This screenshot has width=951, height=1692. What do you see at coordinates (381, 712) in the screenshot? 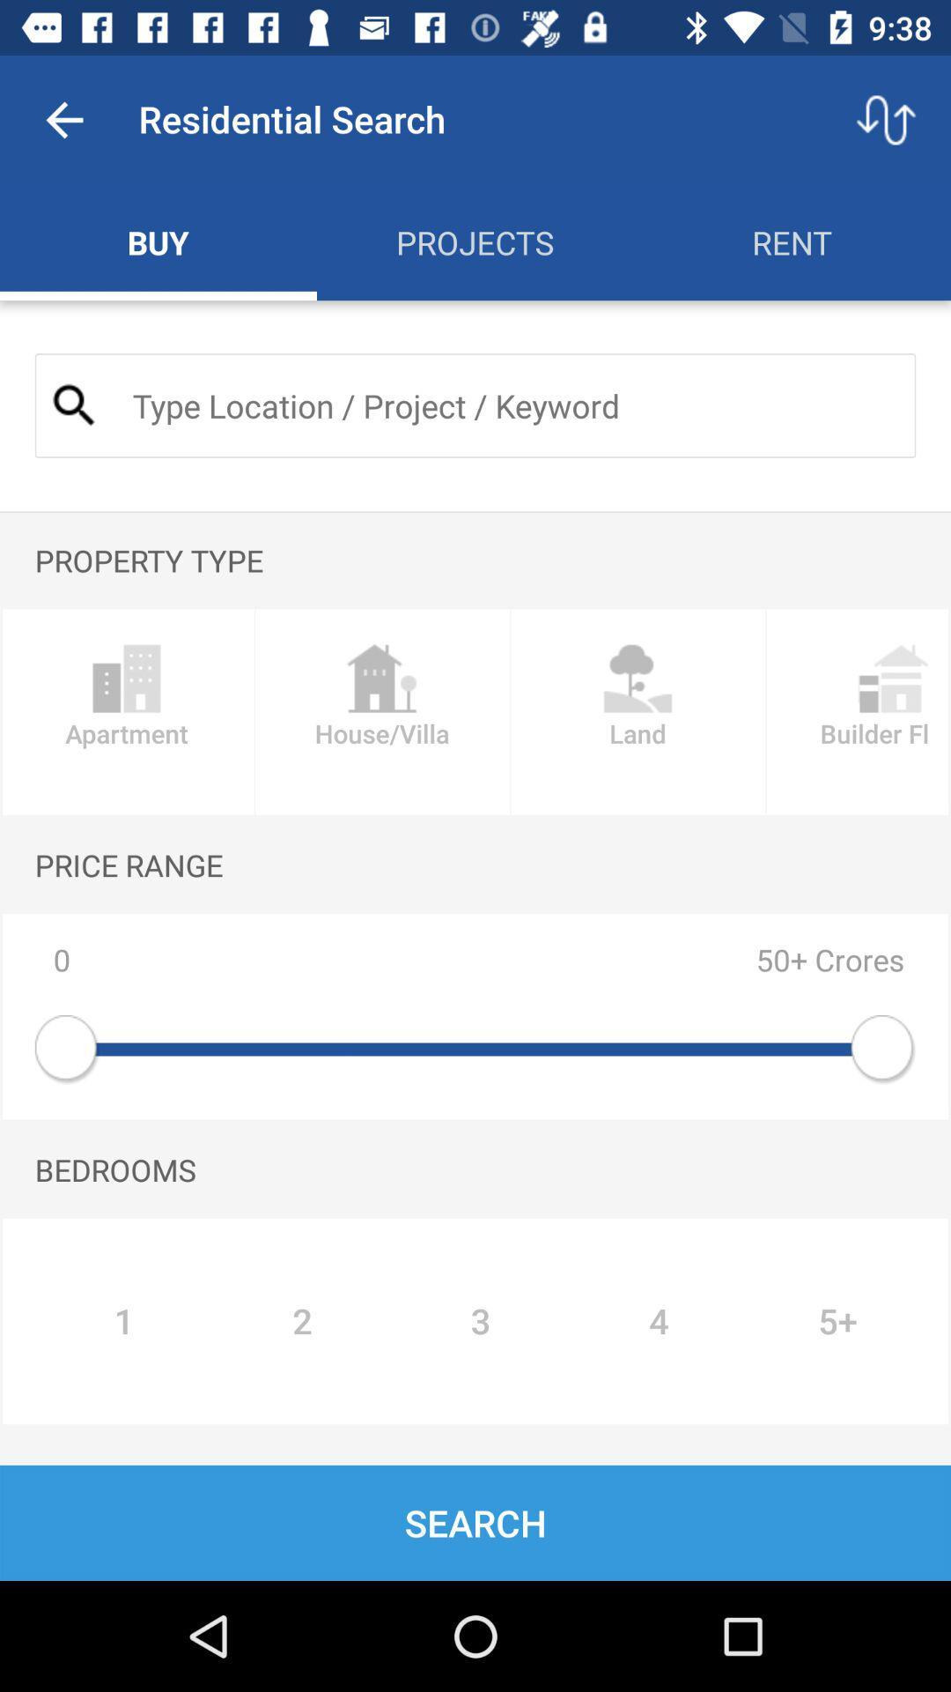
I see `the house/villa icon` at bounding box center [381, 712].